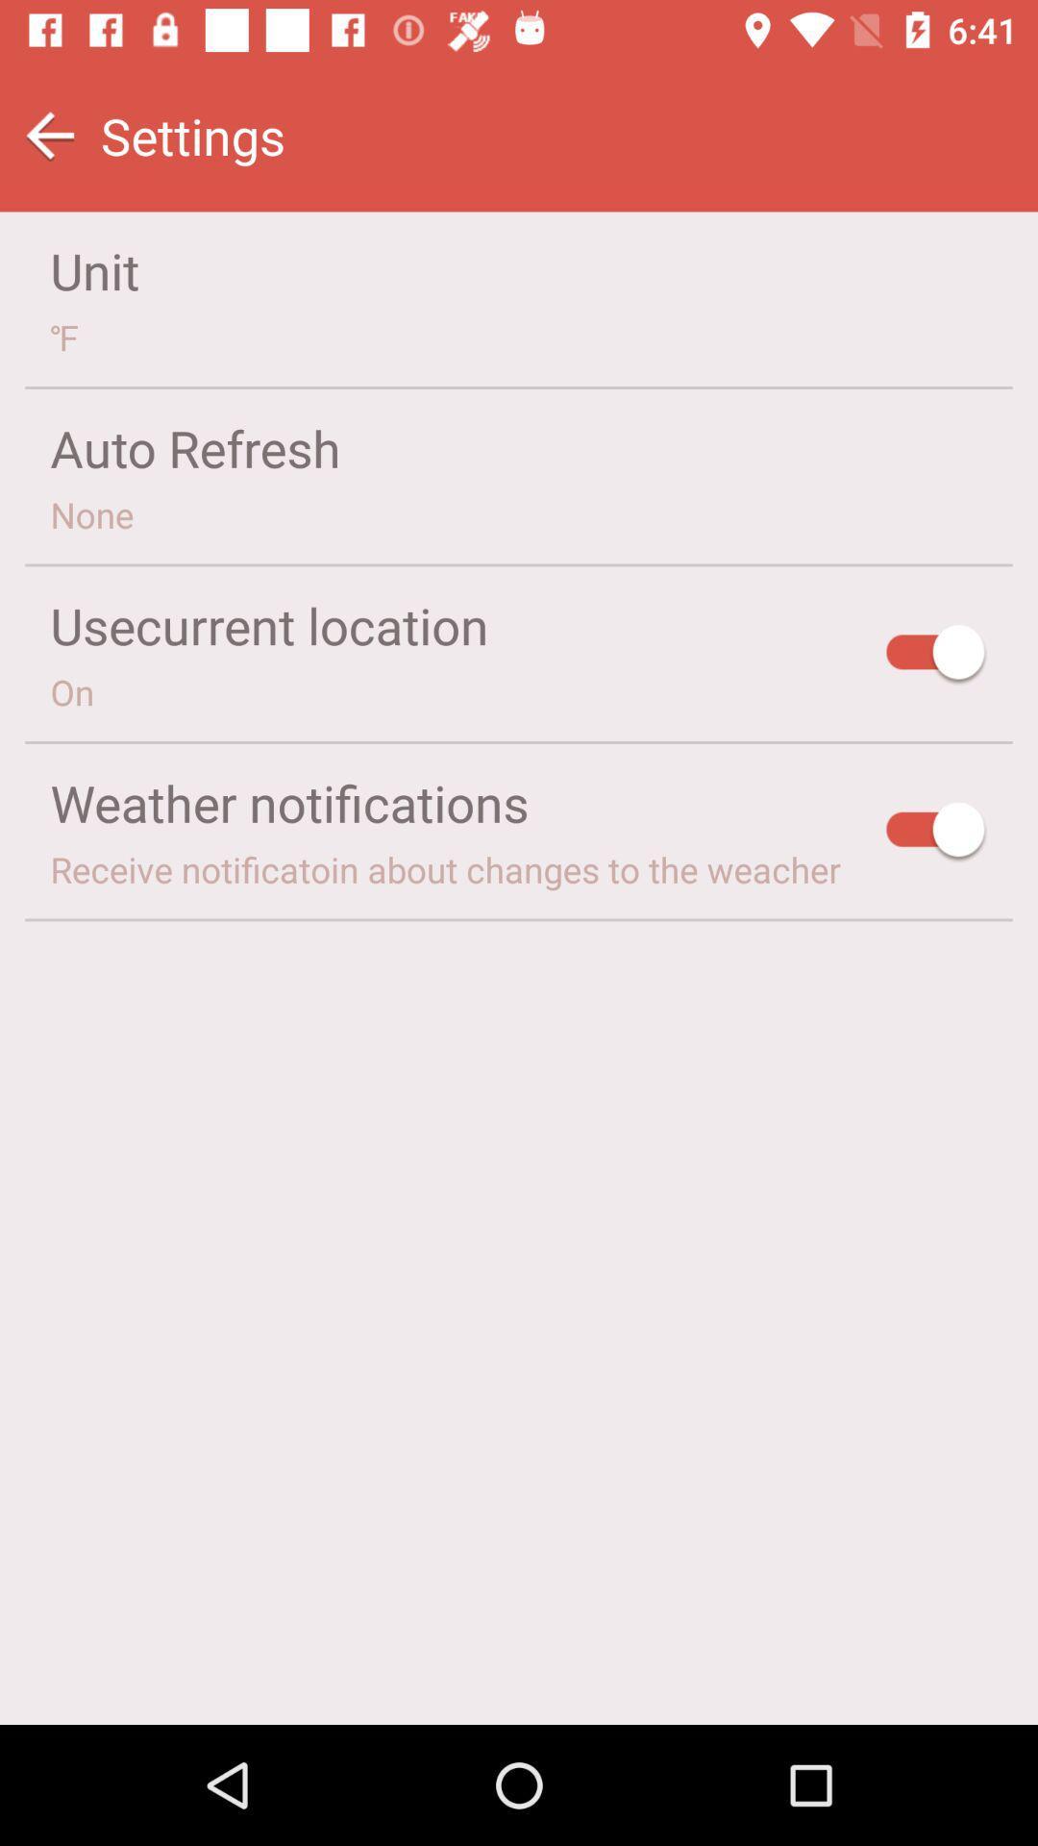  Describe the element at coordinates (49, 135) in the screenshot. I see `item to the left of the settings item` at that location.